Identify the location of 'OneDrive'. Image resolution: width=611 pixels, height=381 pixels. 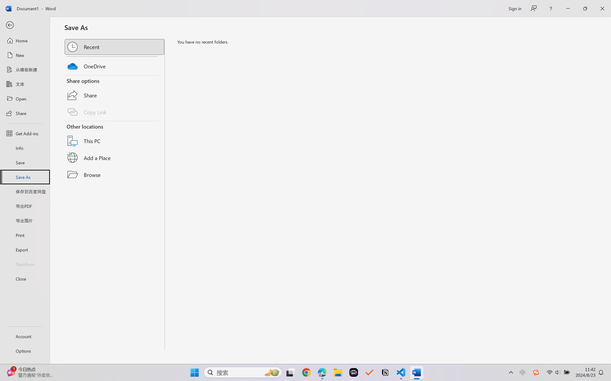
(115, 65).